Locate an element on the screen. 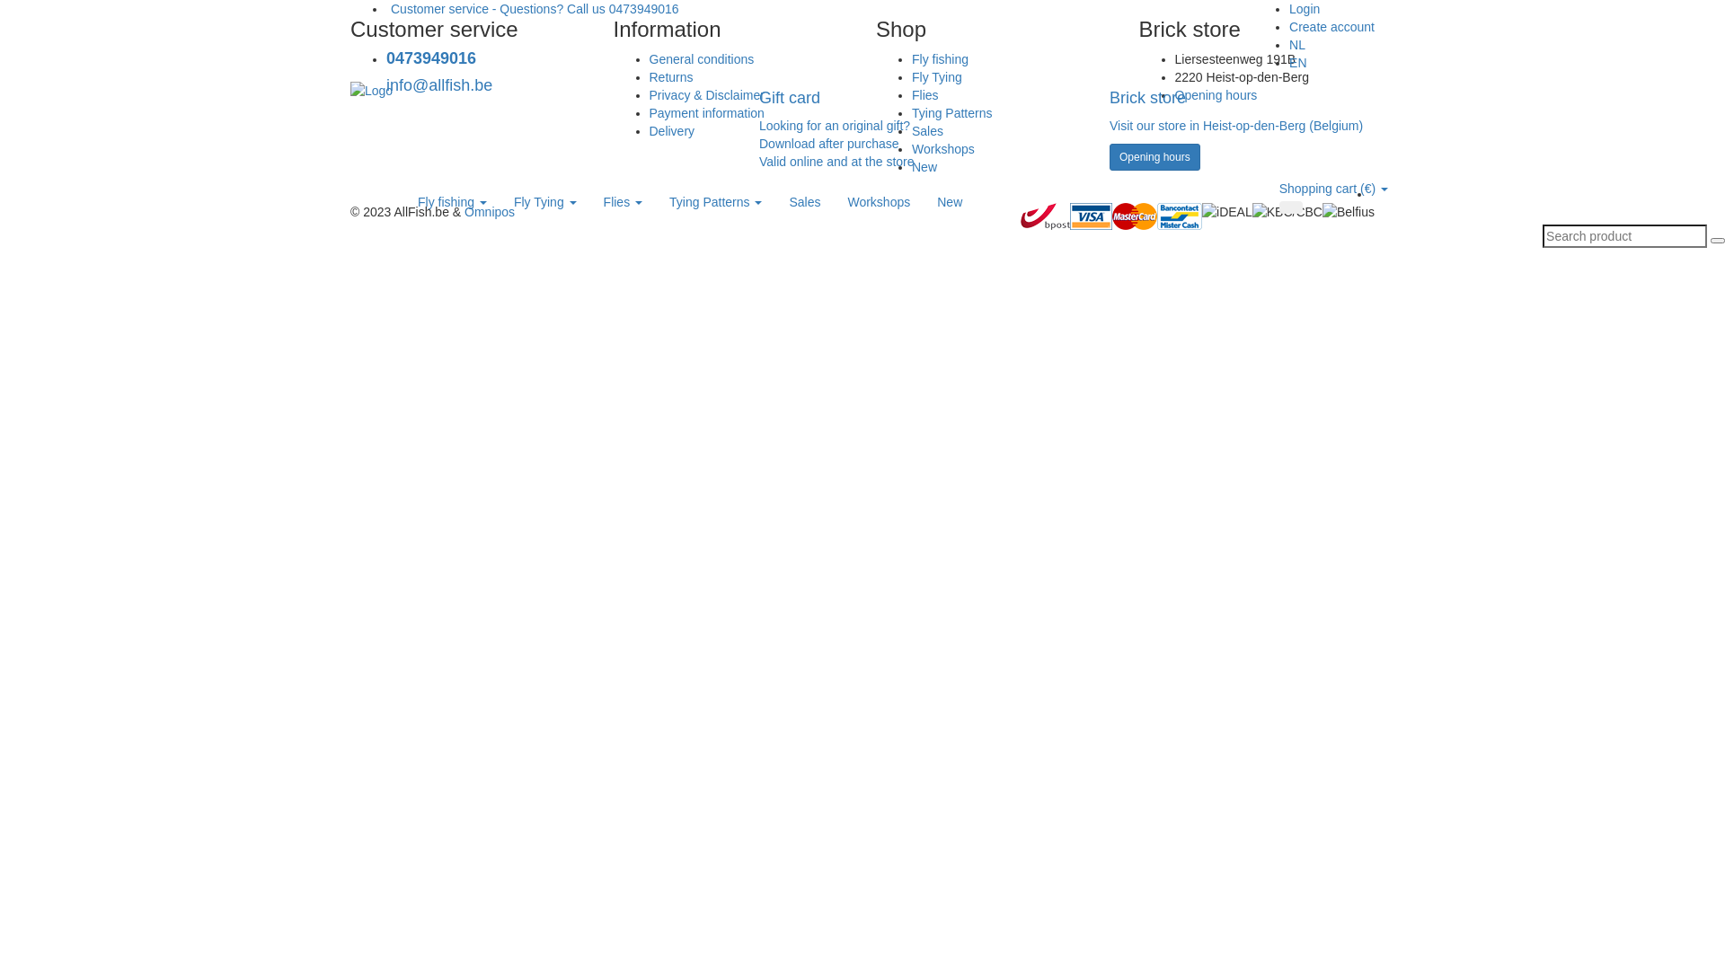  'iDEAL' is located at coordinates (1226, 210).